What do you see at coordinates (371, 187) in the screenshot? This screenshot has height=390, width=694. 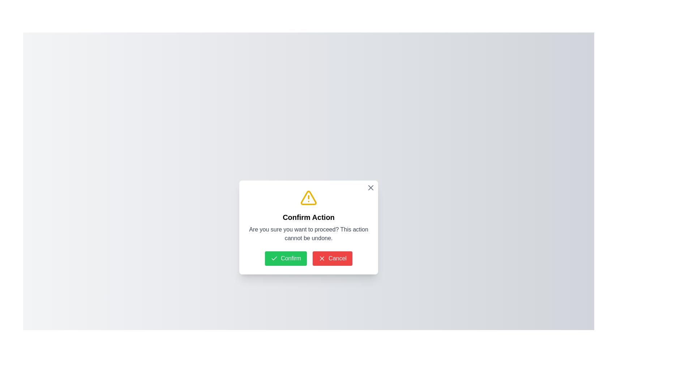 I see `the red cross (X) button in the top-right corner of the popup modal` at bounding box center [371, 187].